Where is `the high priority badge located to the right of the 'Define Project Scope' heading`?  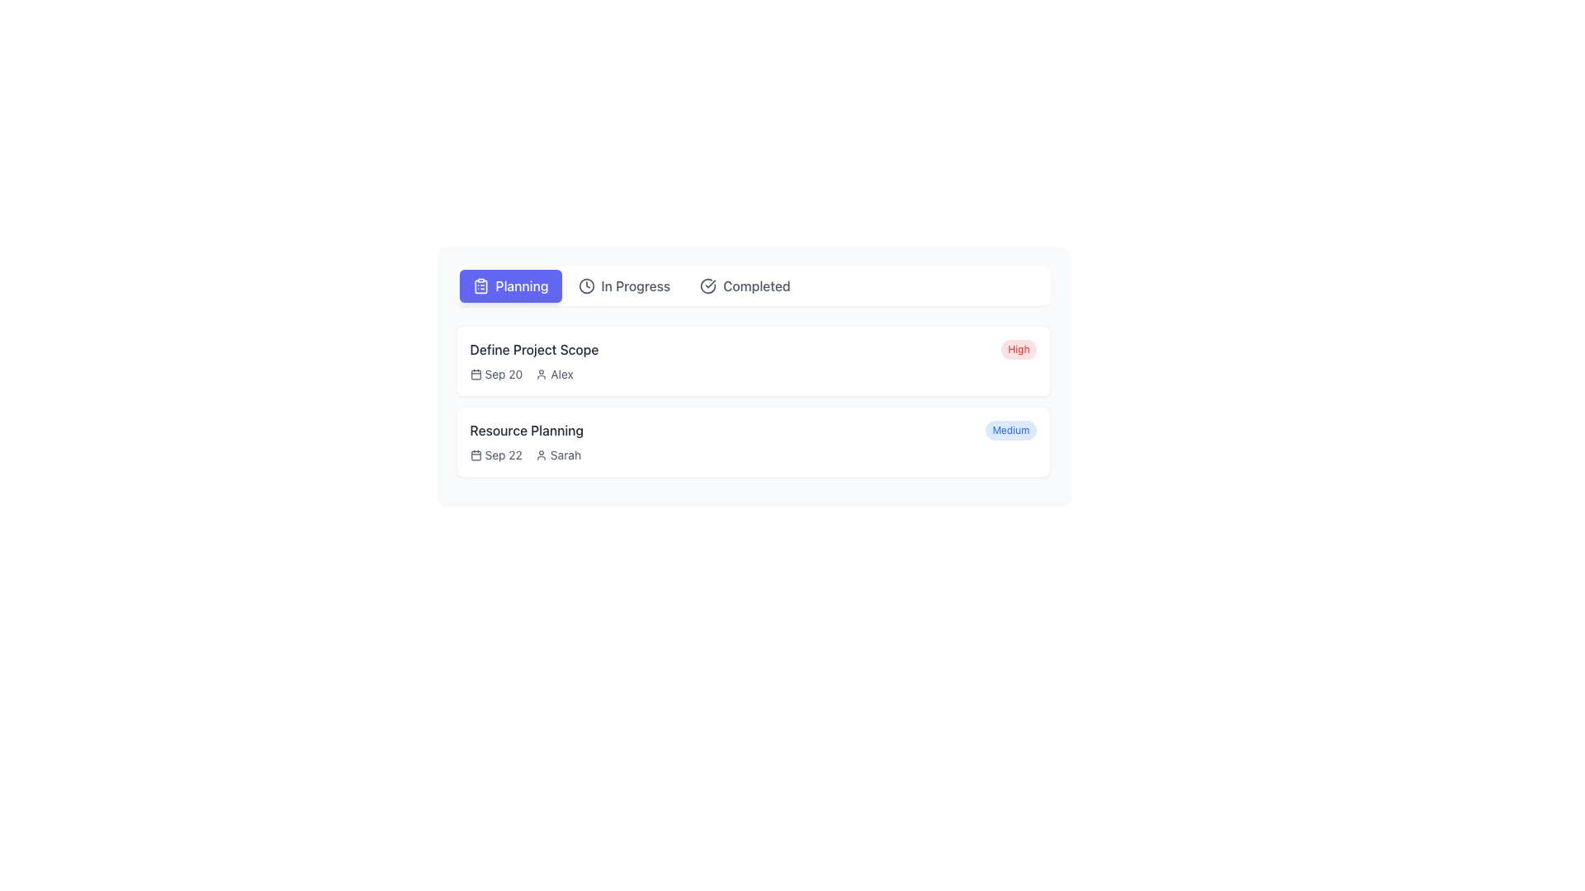 the high priority badge located to the right of the 'Define Project Scope' heading is located at coordinates (1018, 349).